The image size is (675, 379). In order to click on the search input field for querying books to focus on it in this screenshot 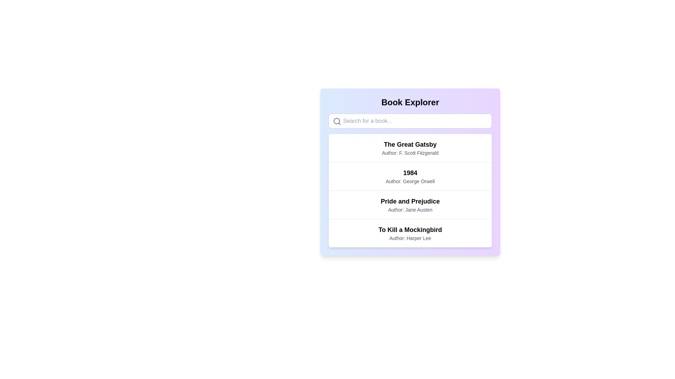, I will do `click(410, 120)`.